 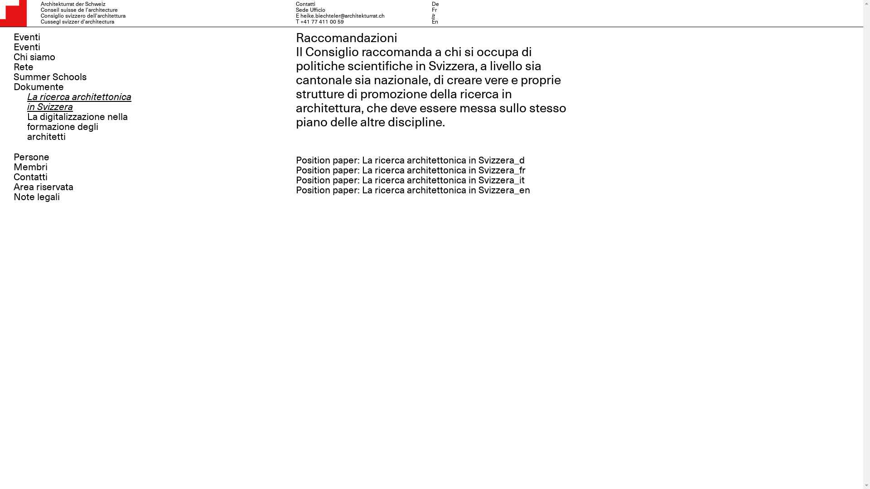 I want to click on 'Contatti', so click(x=13, y=177).